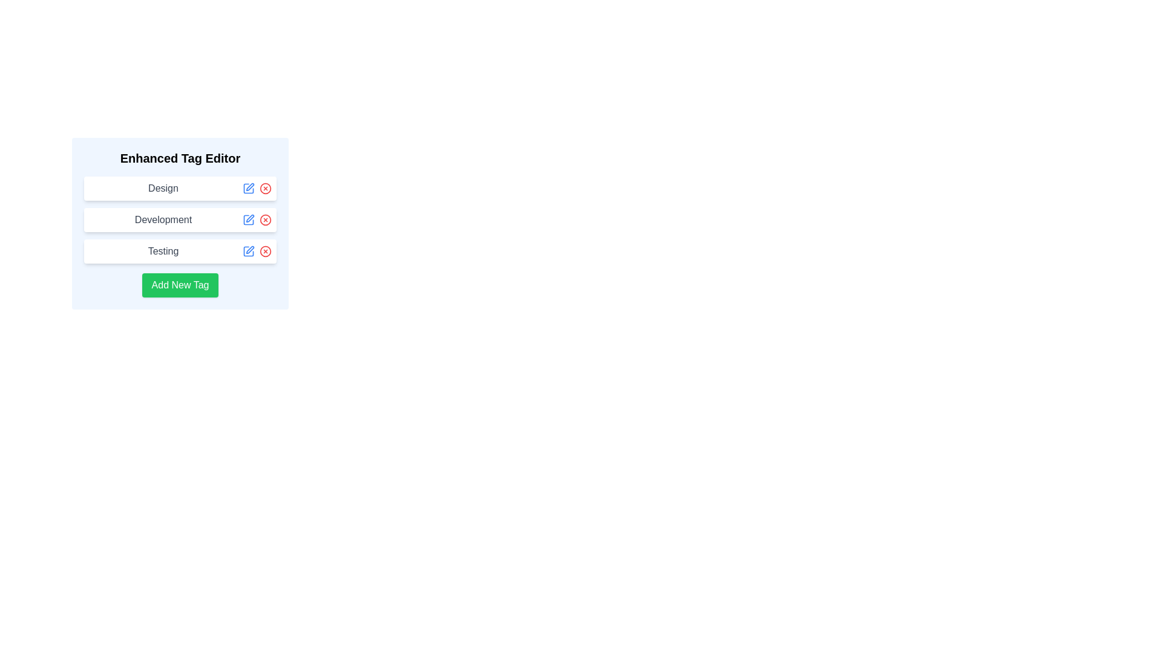 This screenshot has width=1162, height=653. Describe the element at coordinates (257, 251) in the screenshot. I see `the edit button, which is the blue square with a pen icon located on the far right side of the row labeled 'Testing' in the 'Enhanced Tag Editor' component` at that location.